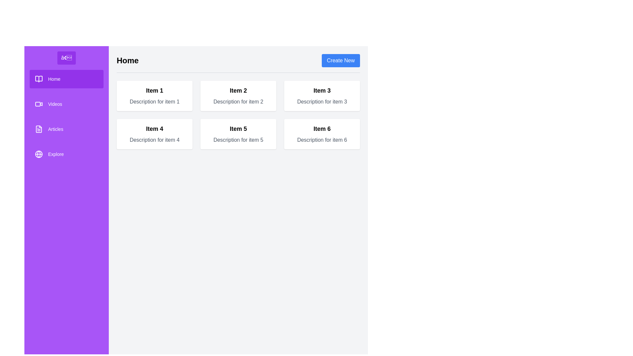 This screenshot has width=633, height=356. What do you see at coordinates (54, 78) in the screenshot?
I see `'Home' label located in the left sidebar menu, which displays white text on a purple background beneath the open book icon` at bounding box center [54, 78].